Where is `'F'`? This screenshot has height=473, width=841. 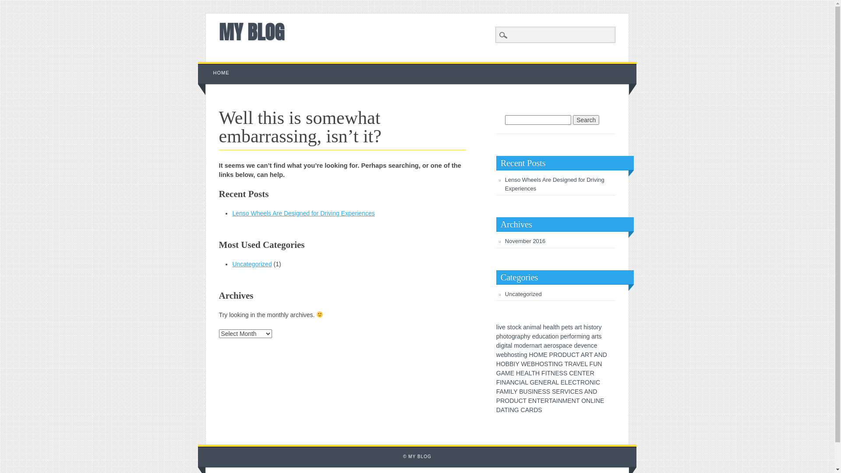 'F' is located at coordinates (496, 381).